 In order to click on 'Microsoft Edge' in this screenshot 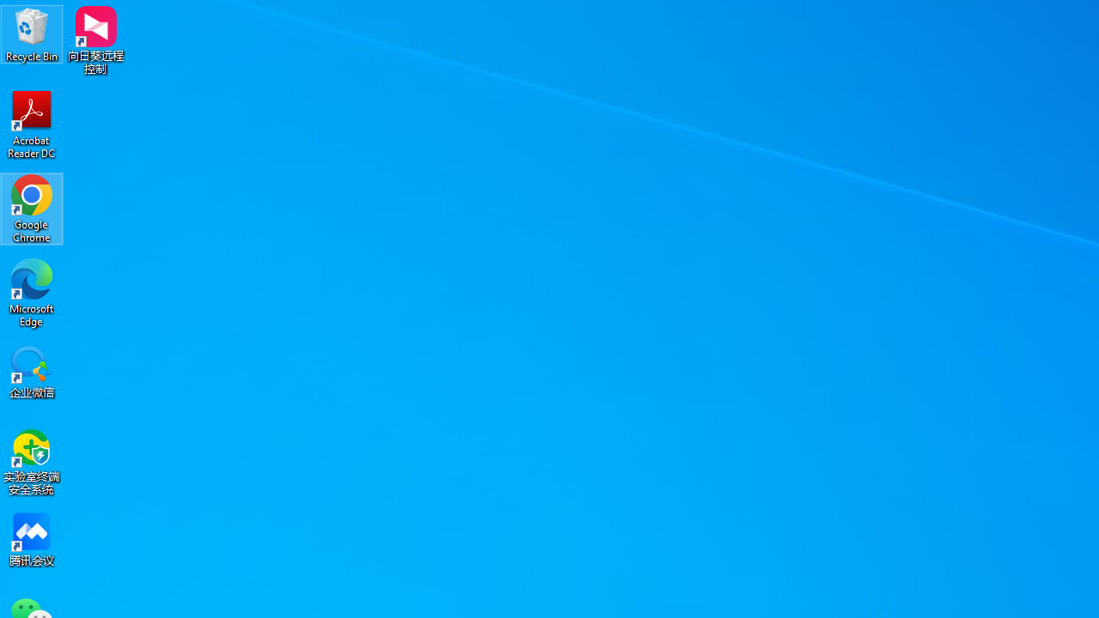, I will do `click(32, 292)`.